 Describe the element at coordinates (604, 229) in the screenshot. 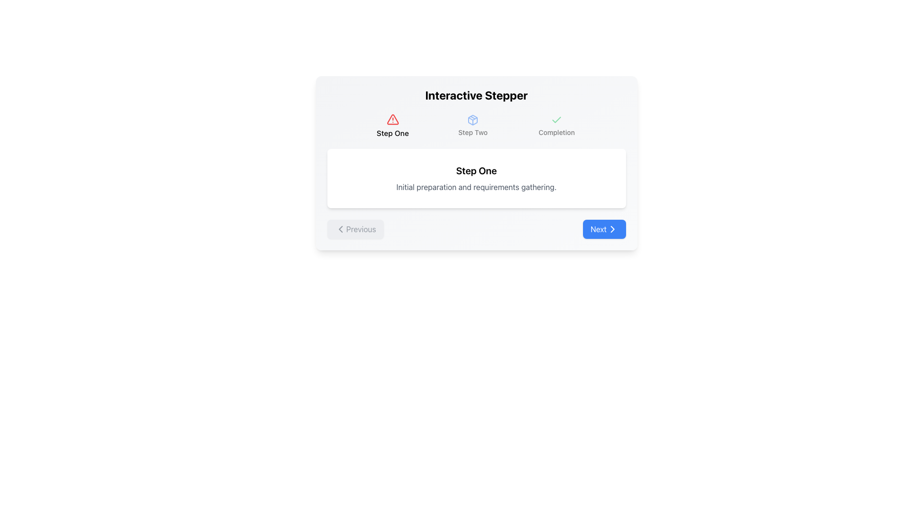

I see `the 'Next' button located at the bottom right corner of the view` at that location.